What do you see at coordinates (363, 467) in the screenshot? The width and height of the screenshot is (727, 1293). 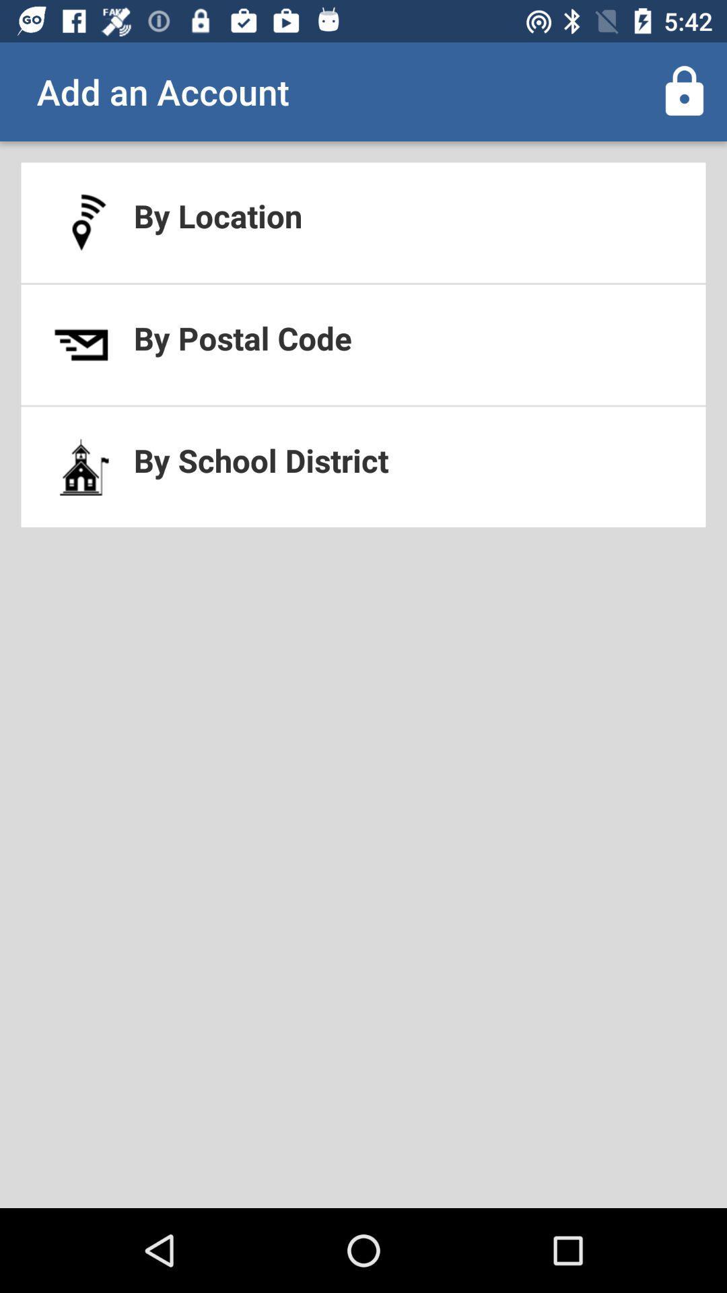 I see `the    by school district` at bounding box center [363, 467].